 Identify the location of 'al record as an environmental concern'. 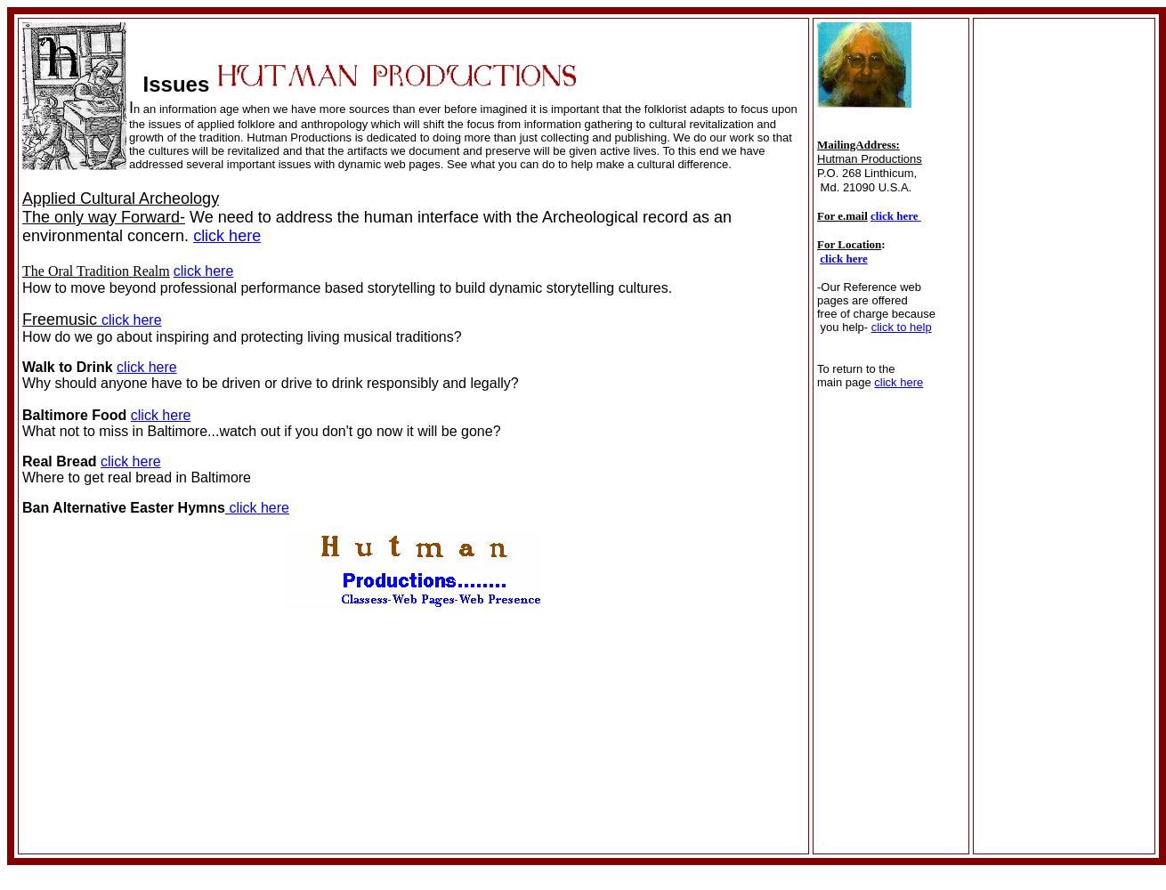
(376, 226).